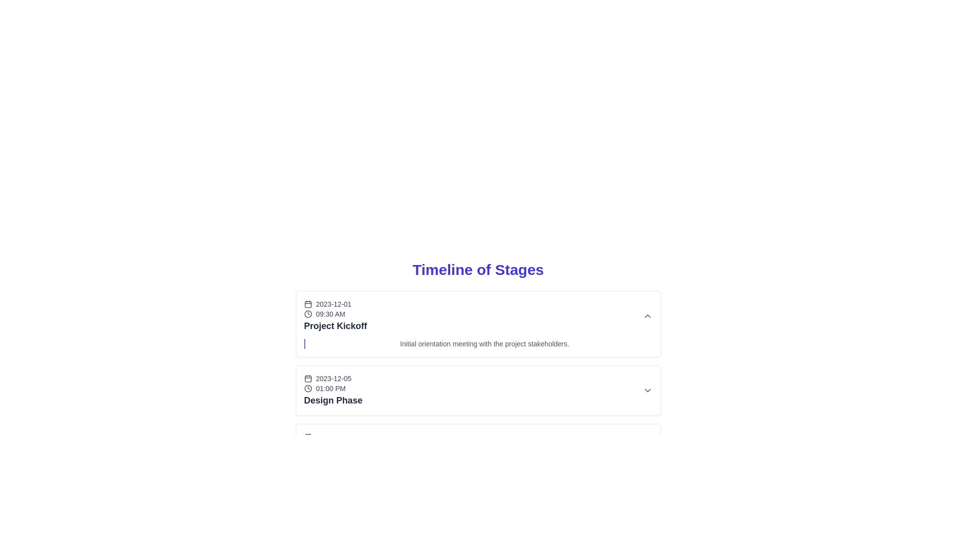 This screenshot has width=953, height=536. I want to click on the Event header or timeline entry that displays a calendar icon, date '2023-12-01', time '09:30 AM', and the title 'Project Kickoff', so click(336, 316).